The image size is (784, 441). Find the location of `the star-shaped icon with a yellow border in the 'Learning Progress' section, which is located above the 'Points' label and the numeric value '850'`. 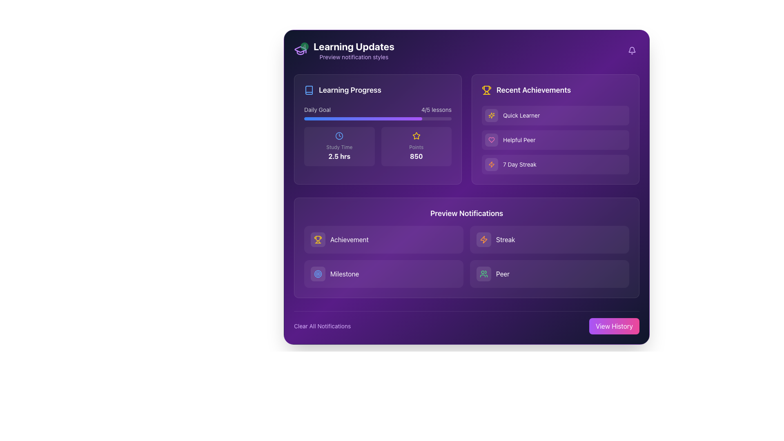

the star-shaped icon with a yellow border in the 'Learning Progress' section, which is located above the 'Points' label and the numeric value '850' is located at coordinates (416, 135).